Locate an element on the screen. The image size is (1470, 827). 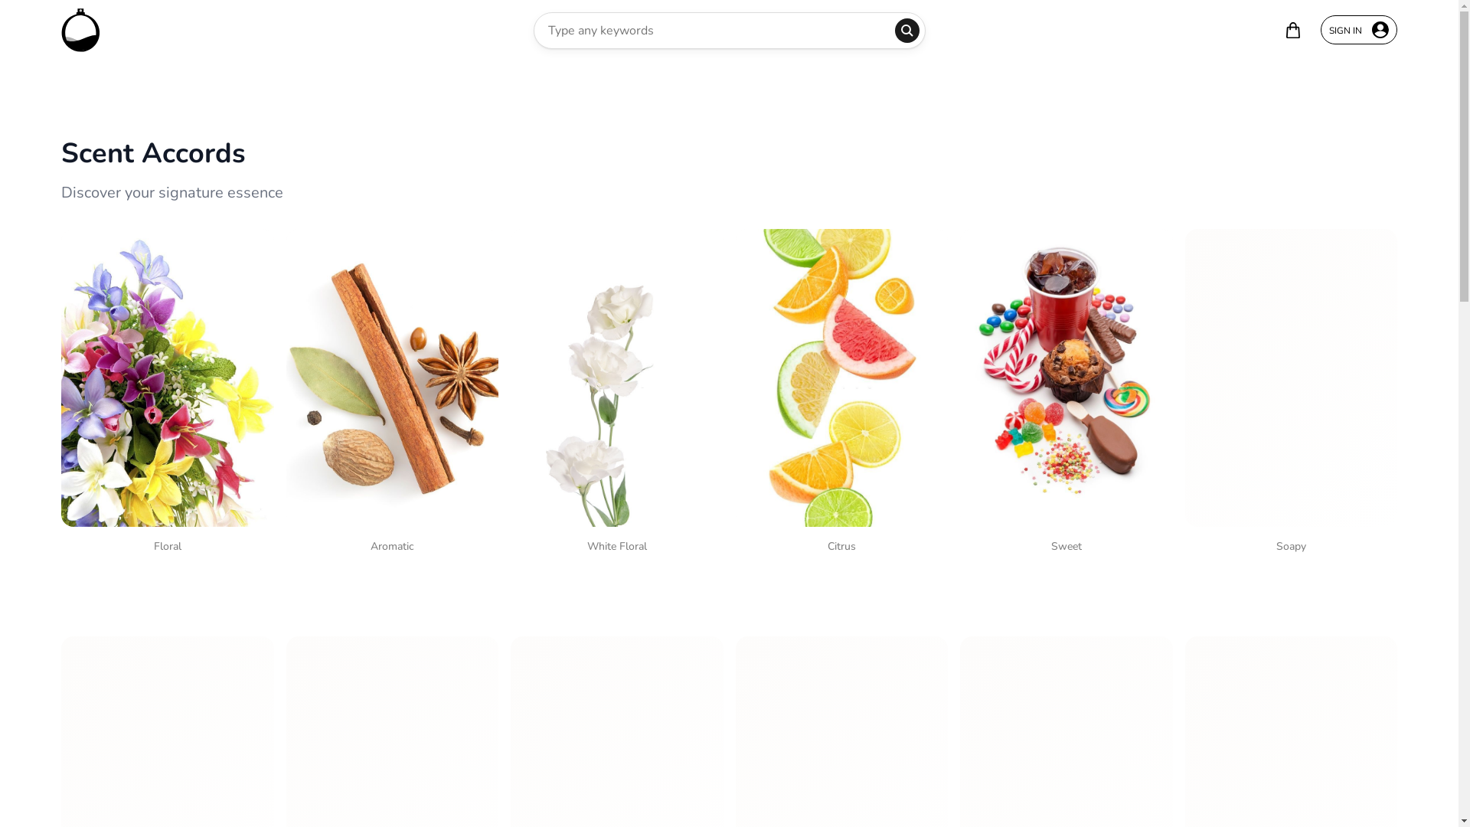
'Sweet' is located at coordinates (1065, 394).